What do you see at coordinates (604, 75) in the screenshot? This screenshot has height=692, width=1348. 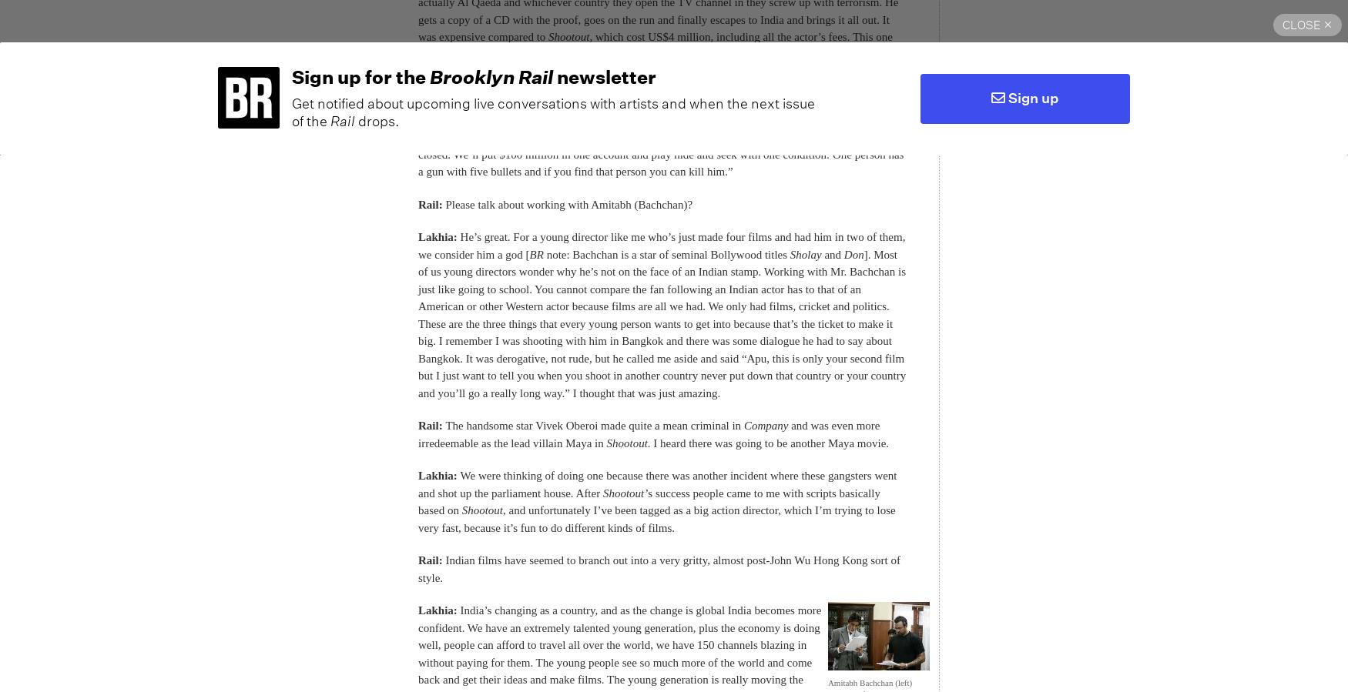 I see `'newsletter'` at bounding box center [604, 75].